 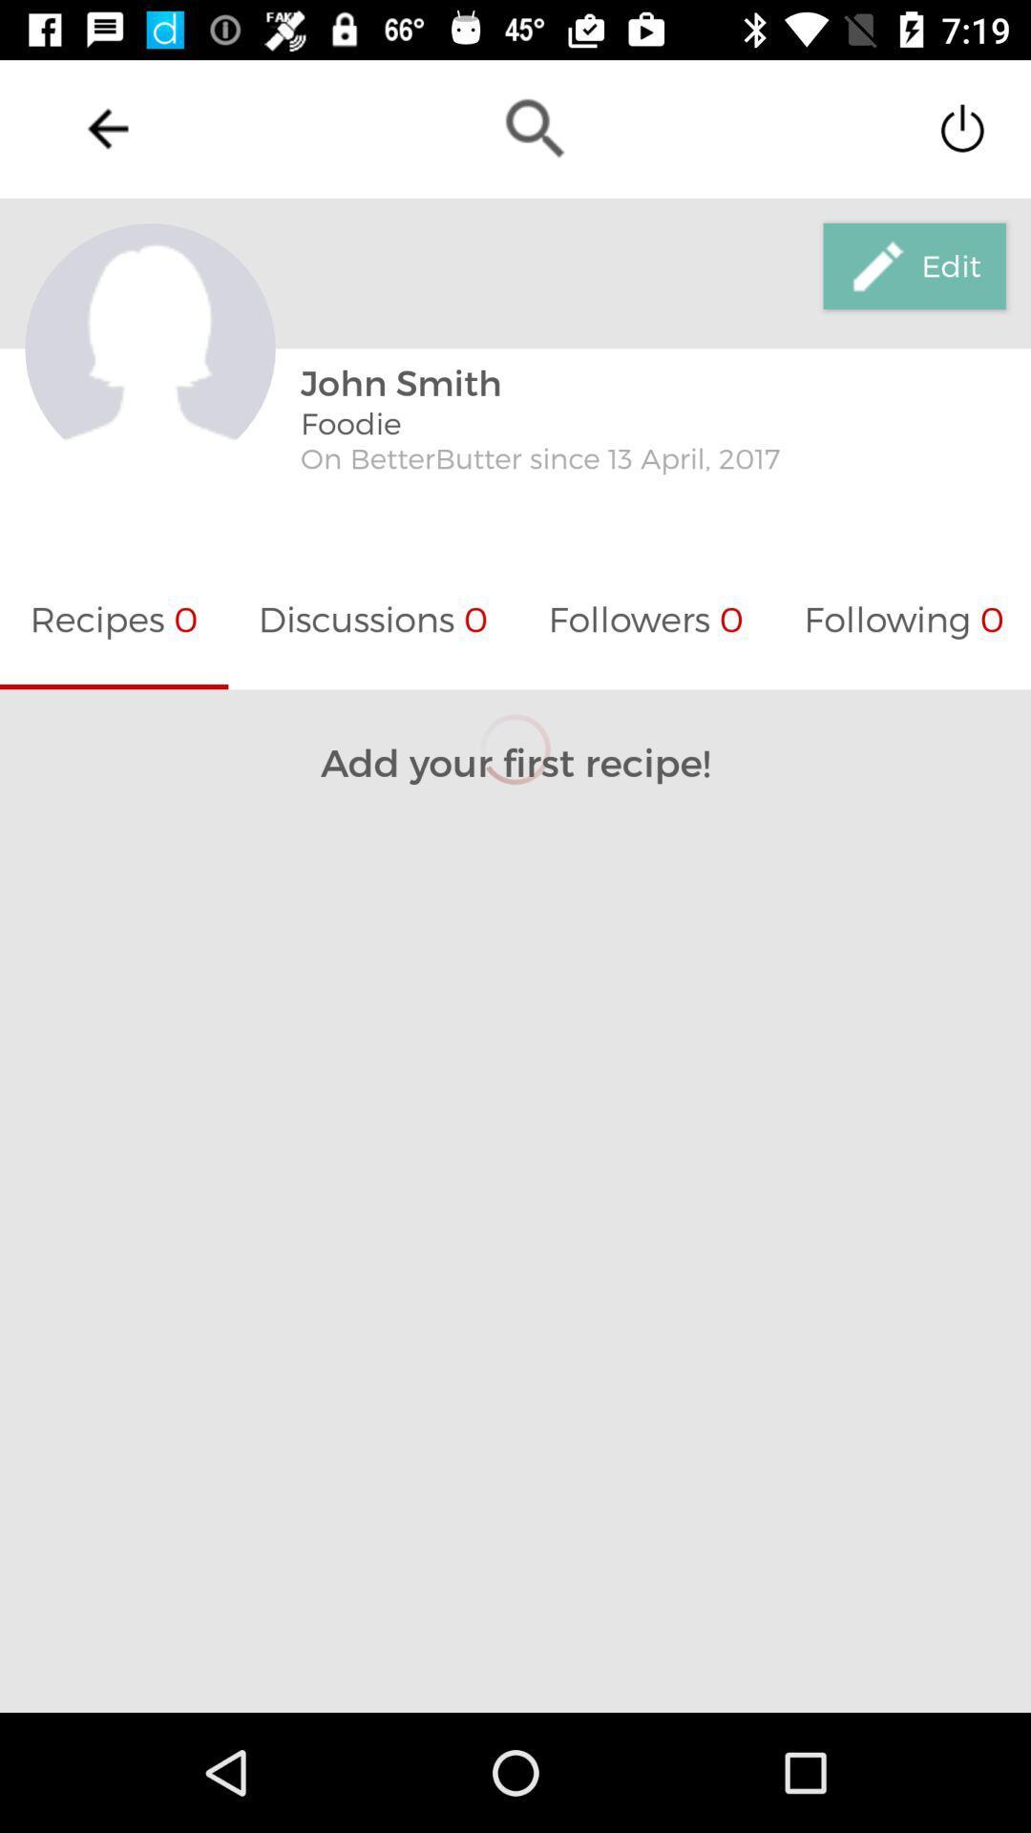 What do you see at coordinates (914, 264) in the screenshot?
I see `icon above following 0 item` at bounding box center [914, 264].